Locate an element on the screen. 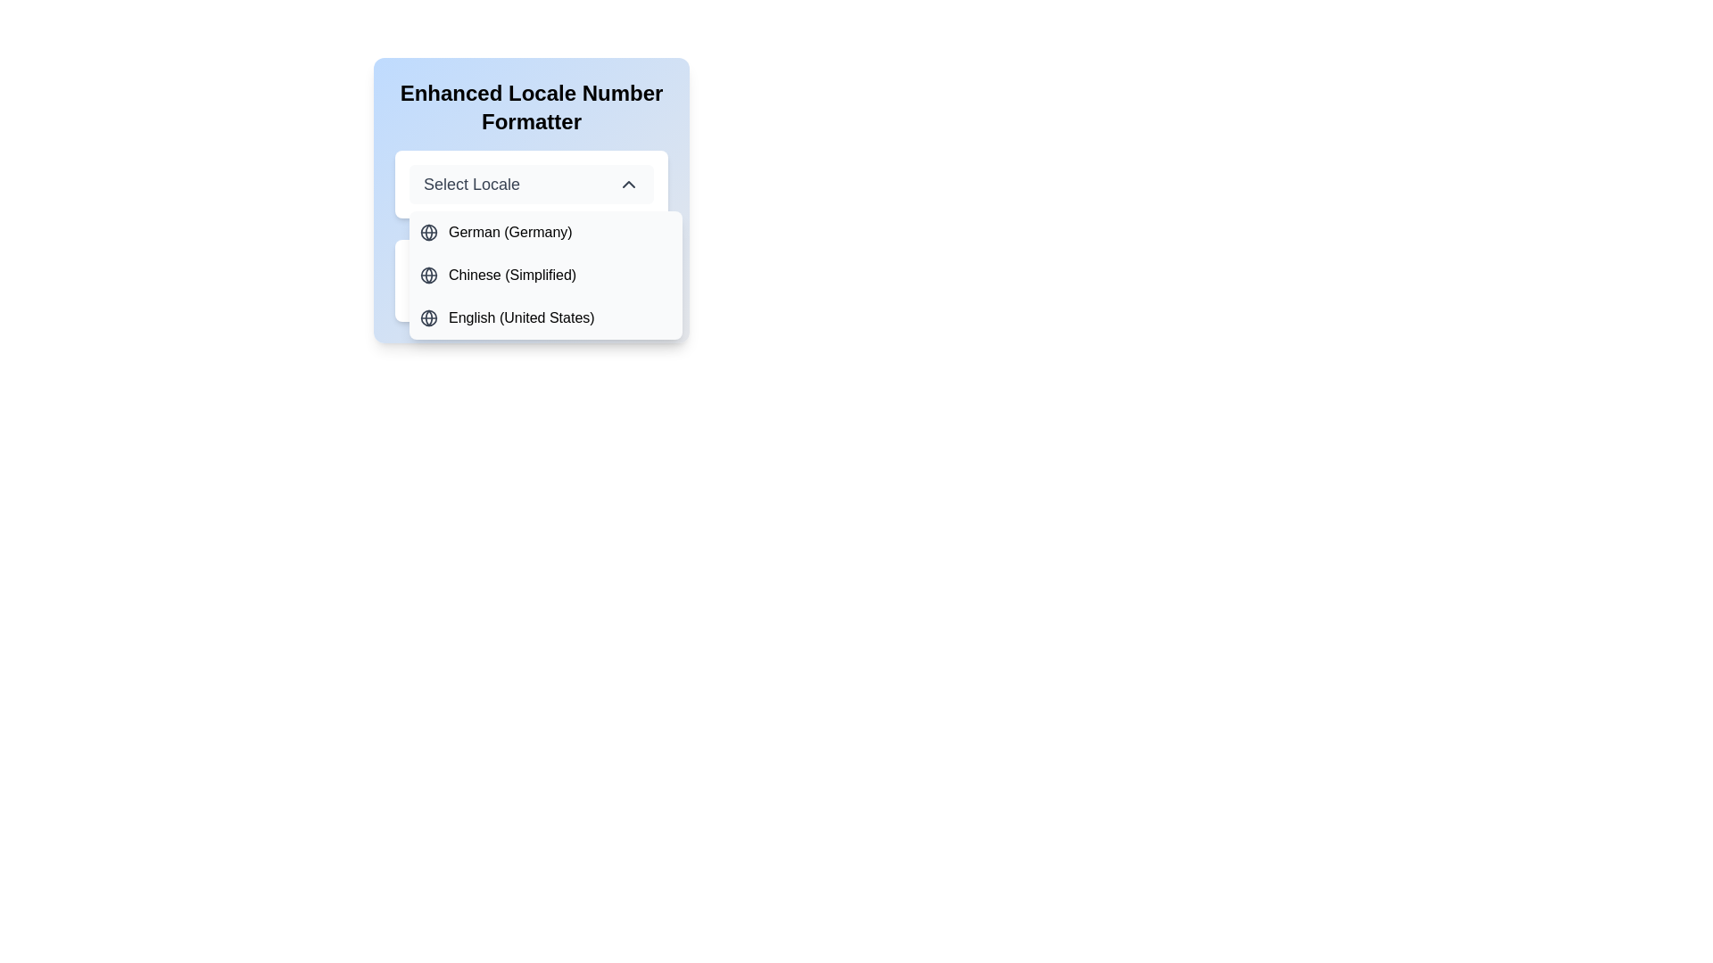 This screenshot has height=963, width=1713. the 'German (Germany)' locale option in the dropdown list is located at coordinates (509, 232).